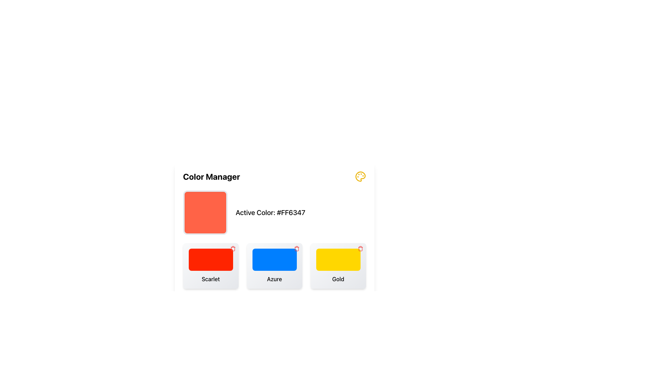 This screenshot has width=665, height=374. I want to click on the text label displaying 'Azure', which is centered below a blue-backgrounded element with rounded corners, so click(274, 279).